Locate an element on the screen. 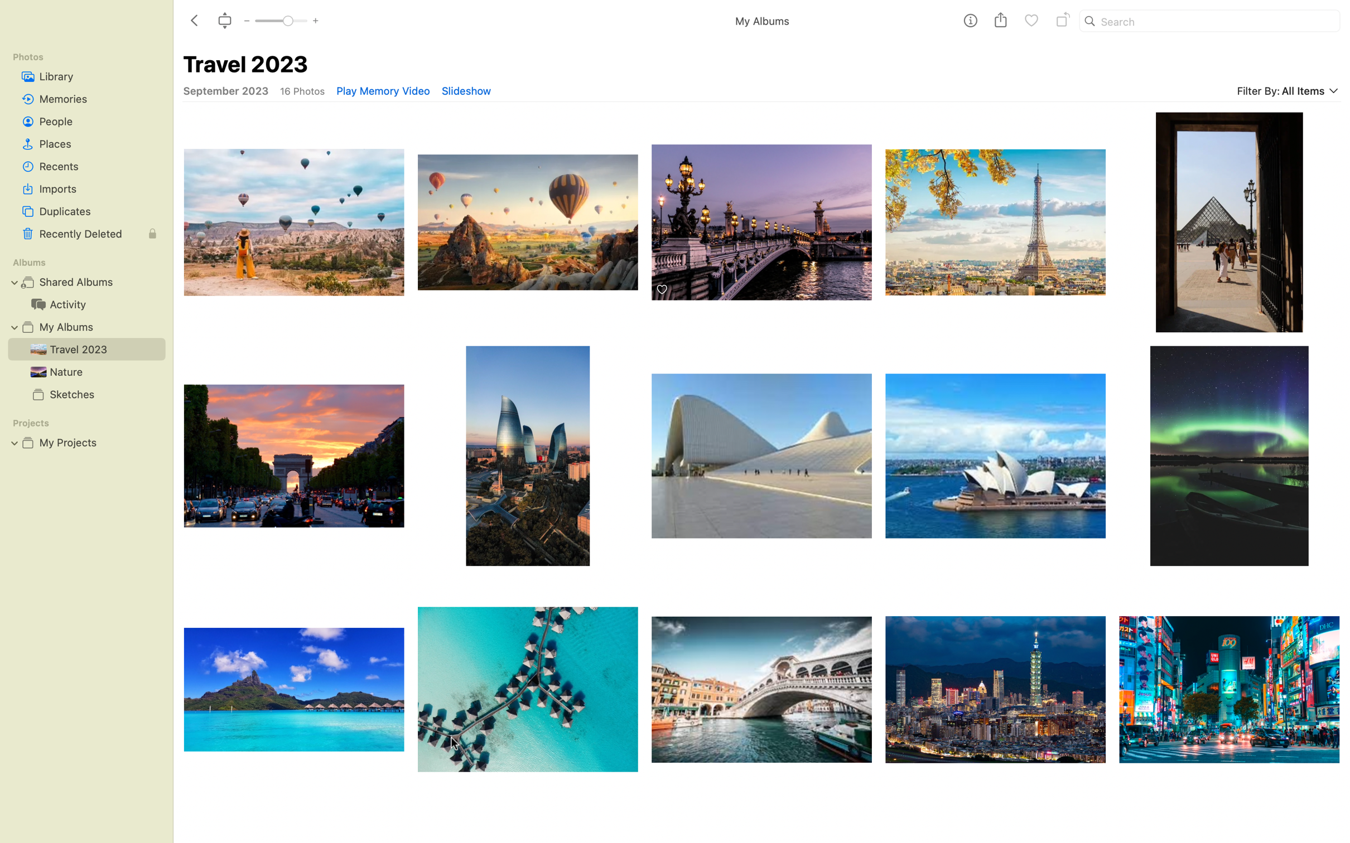  Rotate picture of Louvre thrice is located at coordinates (995, 216).